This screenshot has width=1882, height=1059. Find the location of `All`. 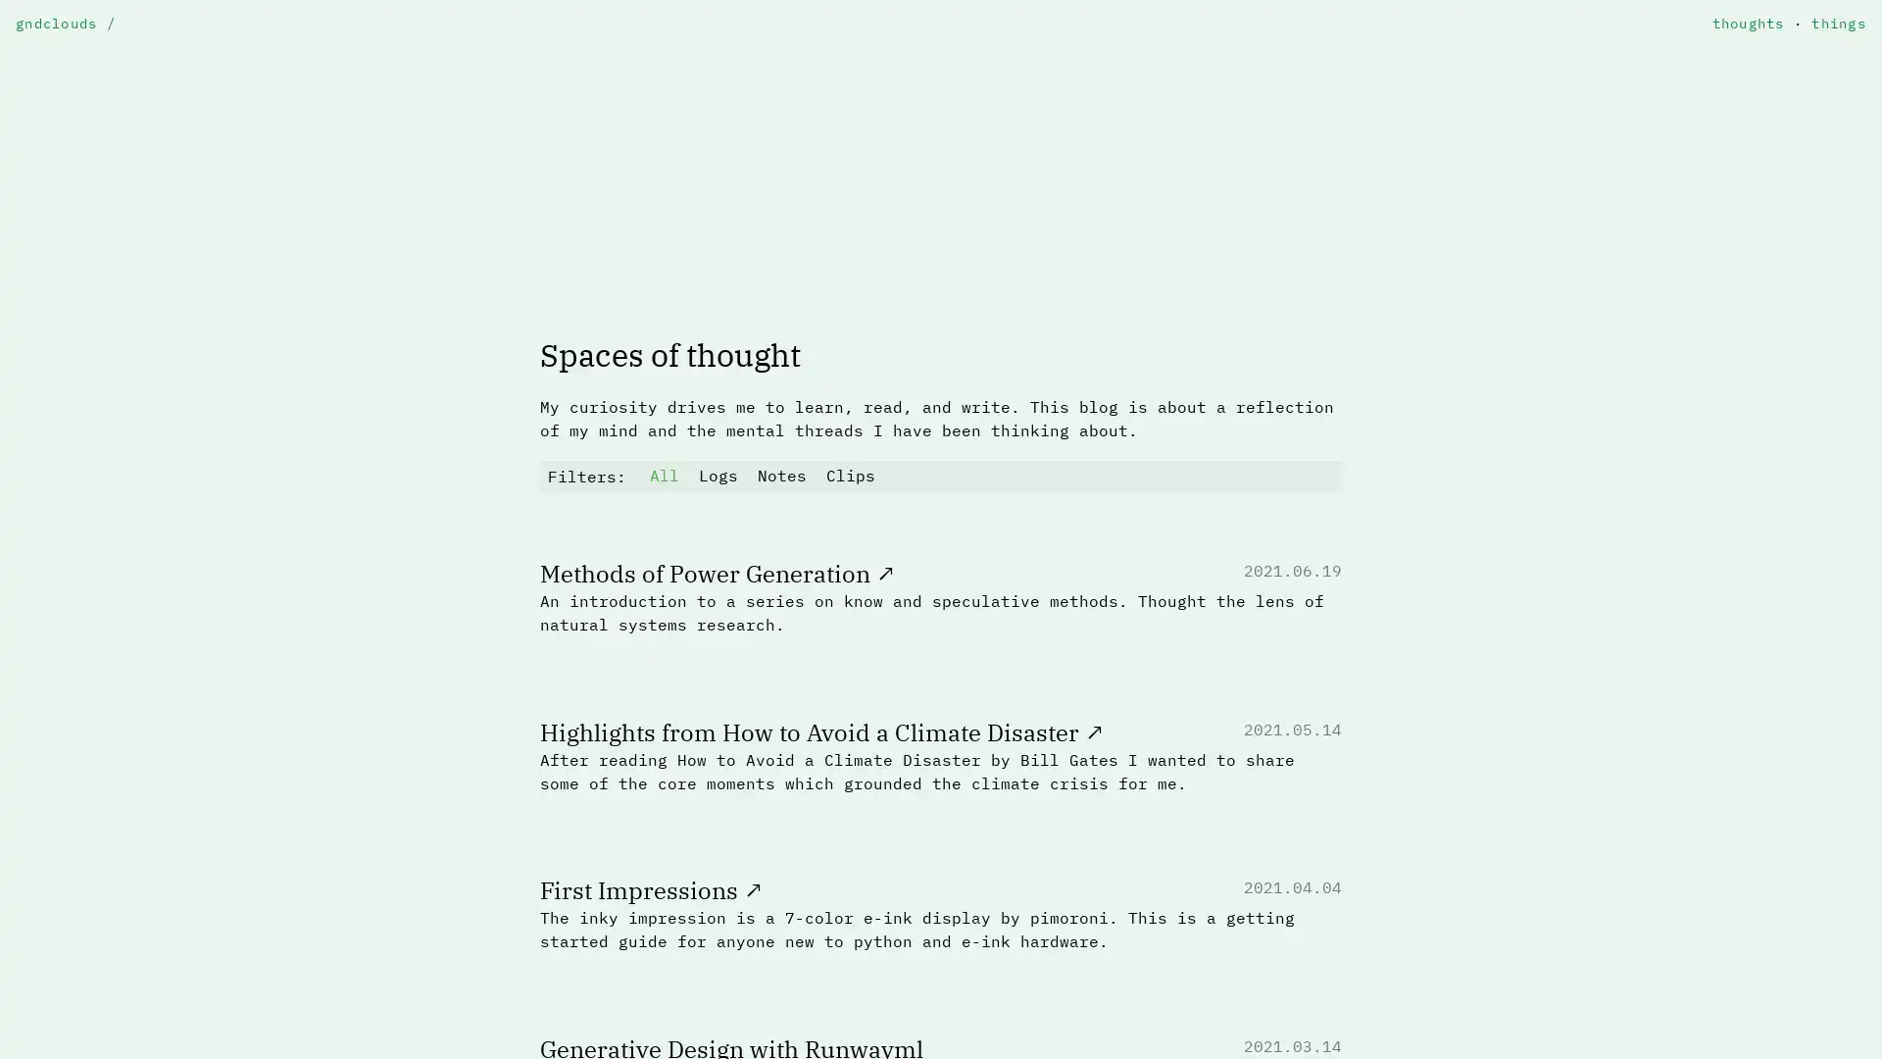

All is located at coordinates (664, 476).